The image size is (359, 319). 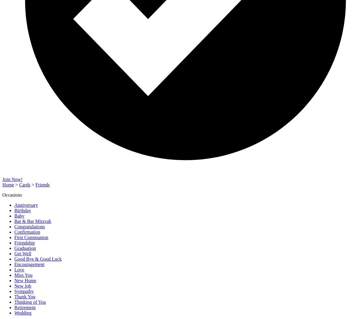 What do you see at coordinates (25, 184) in the screenshot?
I see `'Cards'` at bounding box center [25, 184].